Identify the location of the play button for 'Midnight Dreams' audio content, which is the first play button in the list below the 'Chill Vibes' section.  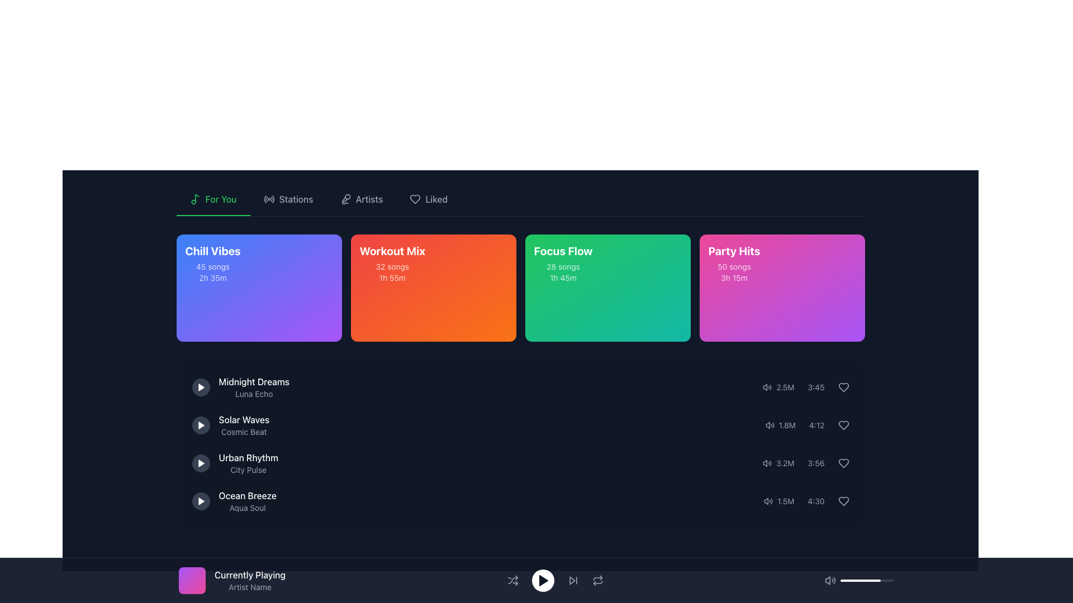
(201, 387).